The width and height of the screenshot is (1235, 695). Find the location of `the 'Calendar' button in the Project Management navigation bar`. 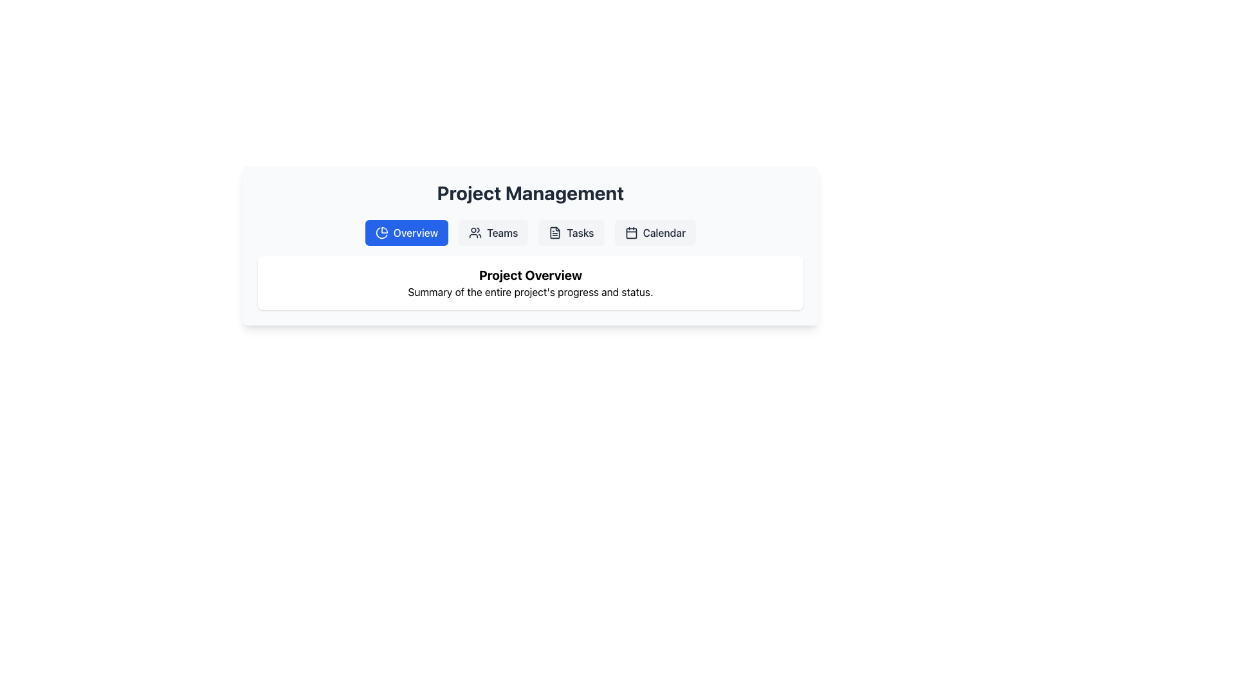

the 'Calendar' button in the Project Management navigation bar is located at coordinates (655, 233).